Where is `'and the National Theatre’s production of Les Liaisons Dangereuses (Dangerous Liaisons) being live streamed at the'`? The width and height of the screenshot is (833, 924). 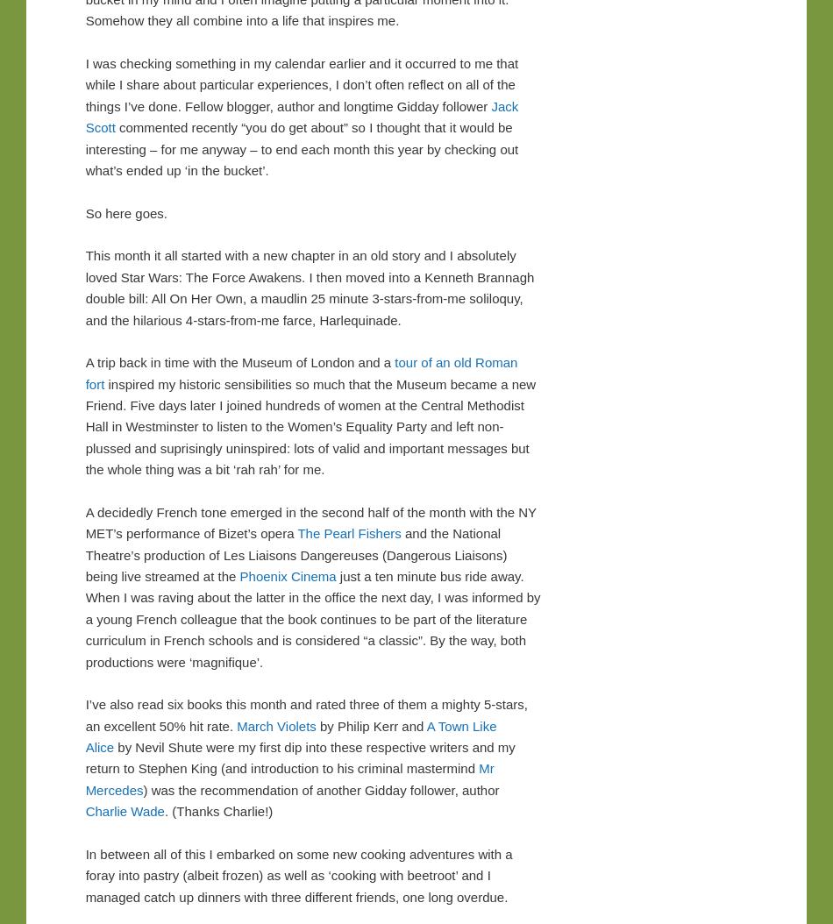
'and the National Theatre’s production of Les Liaisons Dangereuses (Dangerous Liaisons) being live streamed at the' is located at coordinates (295, 555).